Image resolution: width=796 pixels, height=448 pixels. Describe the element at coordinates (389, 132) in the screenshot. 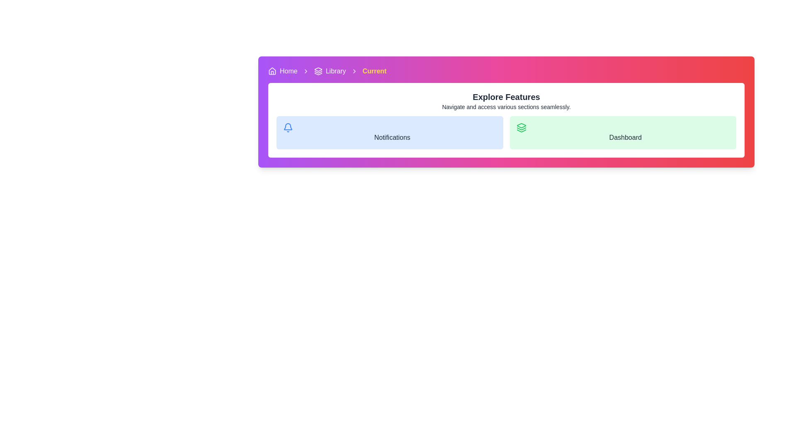

I see `the notifications button located in the first position of a two-column grid layout, positioned to the left of the 'Dashboard' button` at that location.